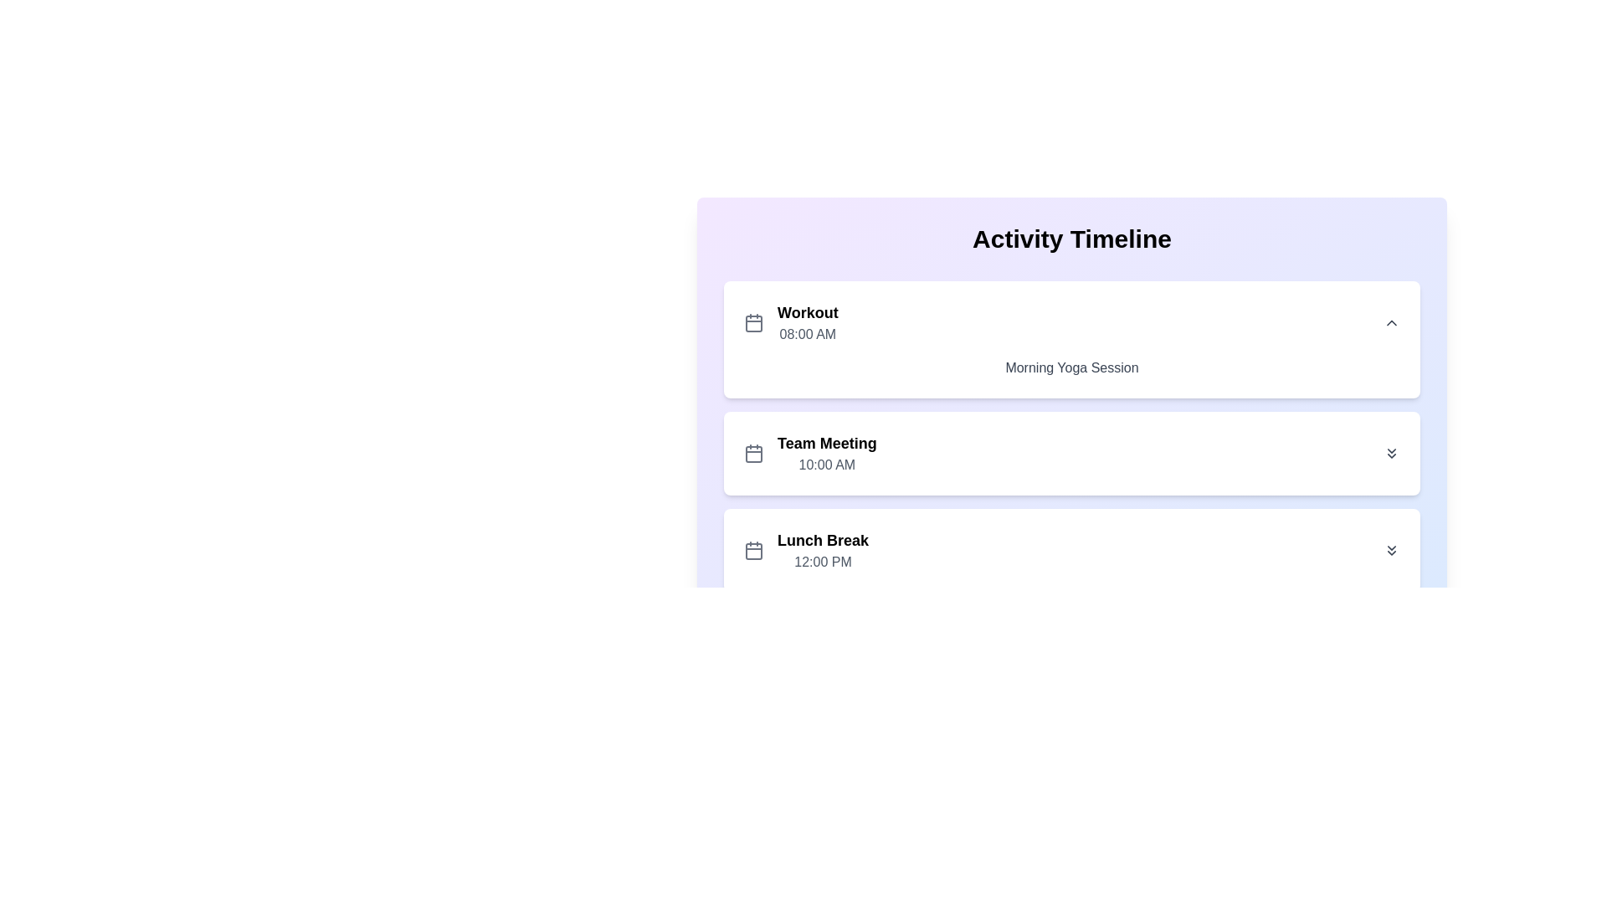 This screenshot has width=1607, height=904. What do you see at coordinates (753, 551) in the screenshot?
I see `the date/event icon located to the left of the 'Lunch Break' text within the activity card on the timeline` at bounding box center [753, 551].